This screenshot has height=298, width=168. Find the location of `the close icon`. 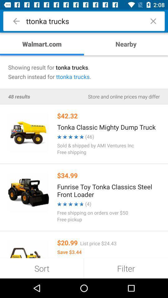

the close icon is located at coordinates (153, 21).